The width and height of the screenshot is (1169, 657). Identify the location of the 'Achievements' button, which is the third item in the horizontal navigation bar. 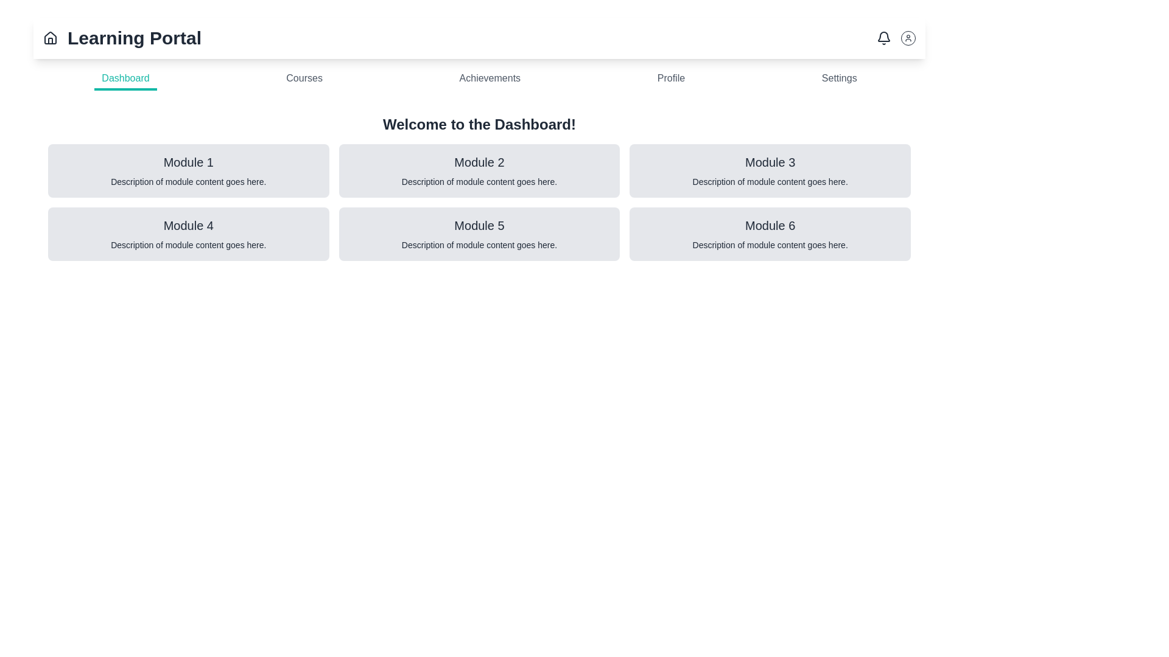
(490, 80).